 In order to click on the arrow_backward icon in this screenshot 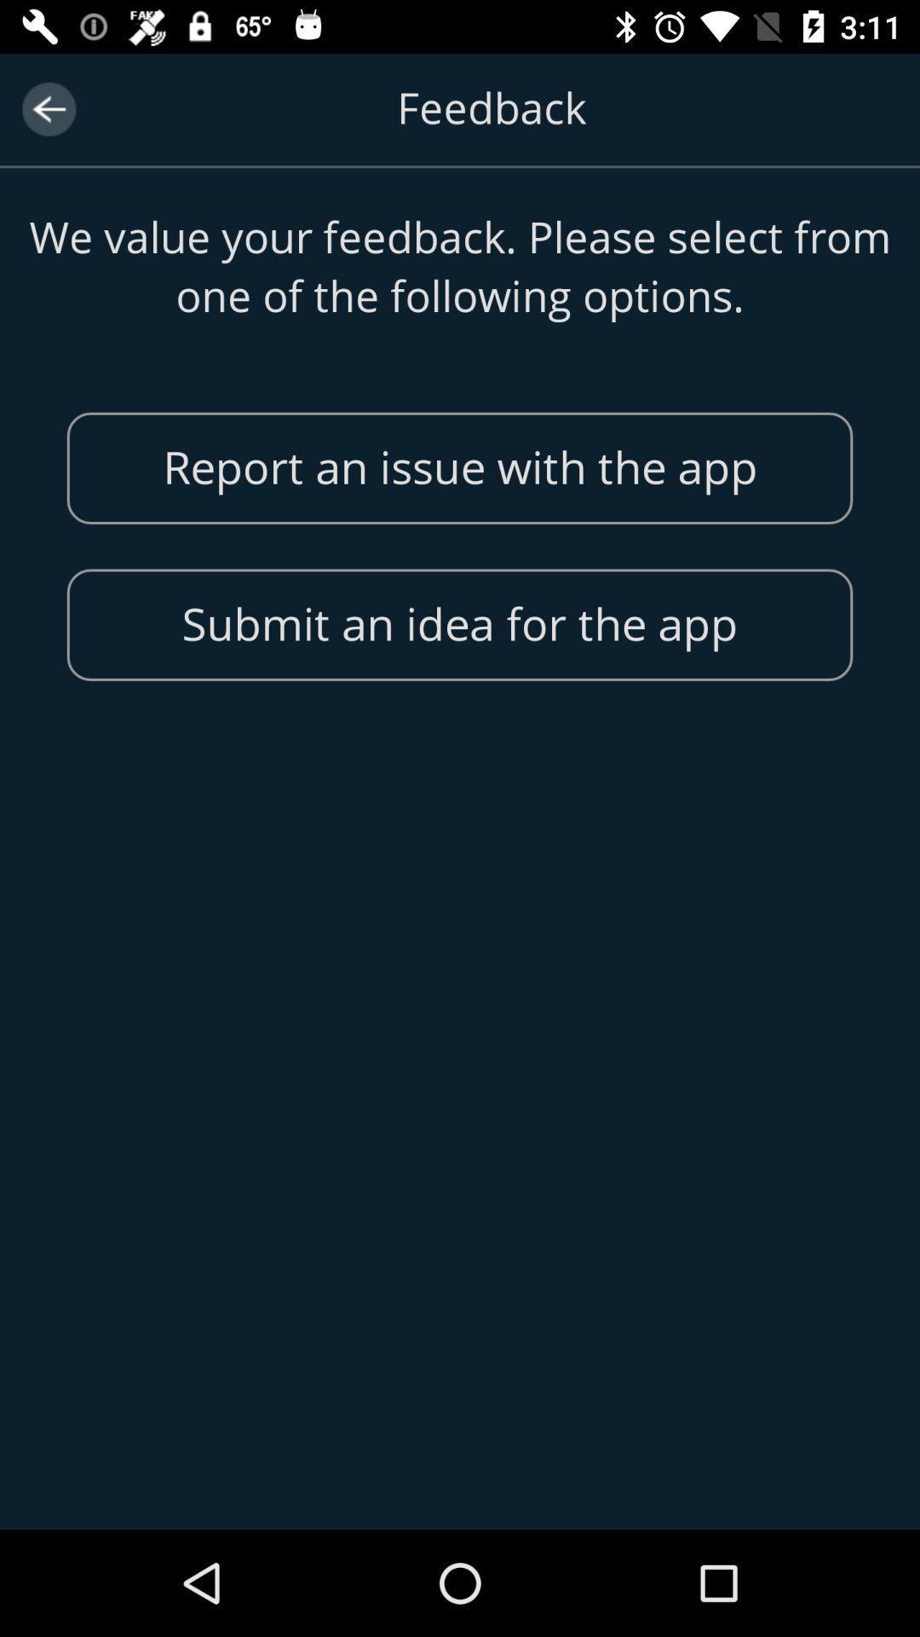, I will do `click(48, 108)`.